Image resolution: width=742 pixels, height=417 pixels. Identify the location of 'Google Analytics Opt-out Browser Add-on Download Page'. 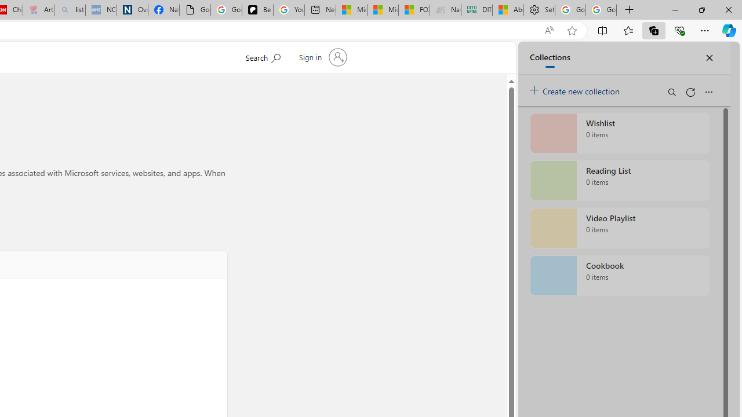
(195, 10).